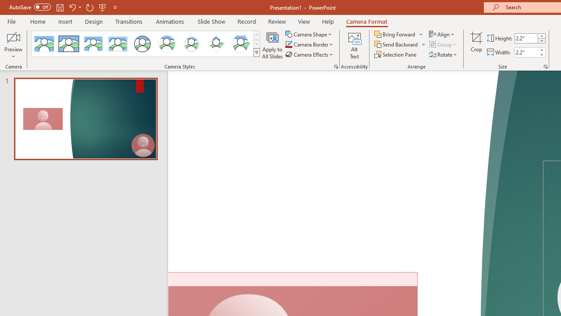 The width and height of the screenshot is (561, 316). I want to click on 'Center Shadow Circle', so click(167, 44).